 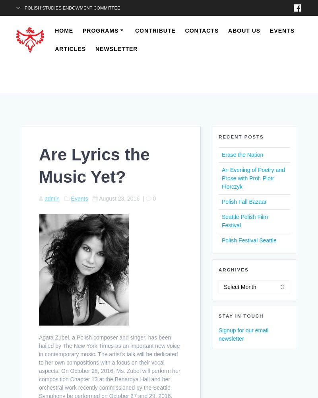 I want to click on 'About Us', so click(x=244, y=30).